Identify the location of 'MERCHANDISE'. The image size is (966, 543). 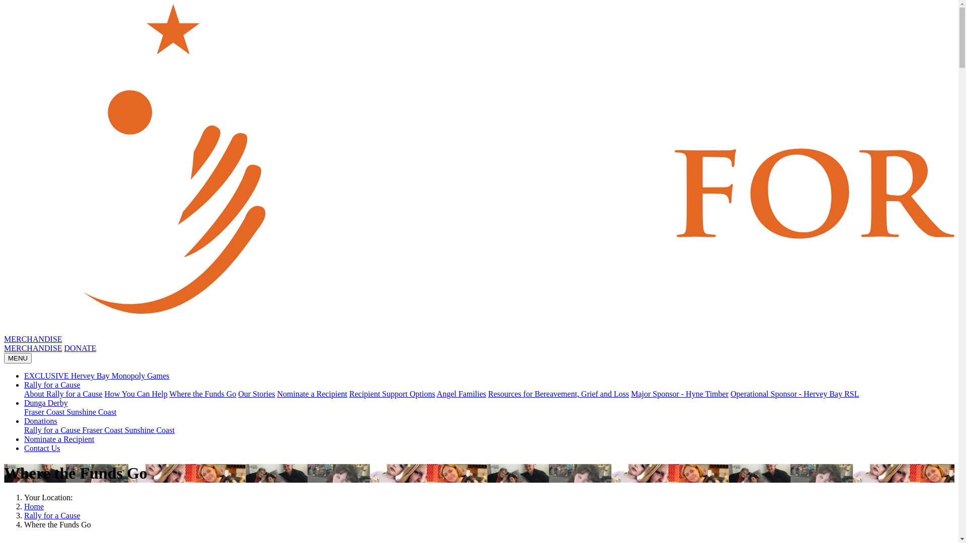
(33, 339).